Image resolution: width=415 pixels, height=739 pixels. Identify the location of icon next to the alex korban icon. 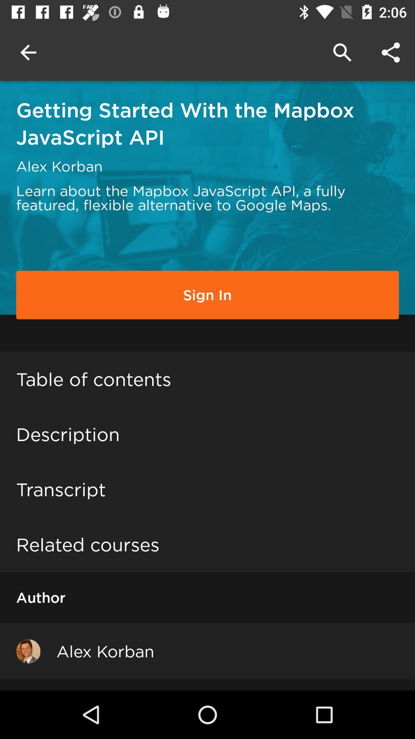
(28, 650).